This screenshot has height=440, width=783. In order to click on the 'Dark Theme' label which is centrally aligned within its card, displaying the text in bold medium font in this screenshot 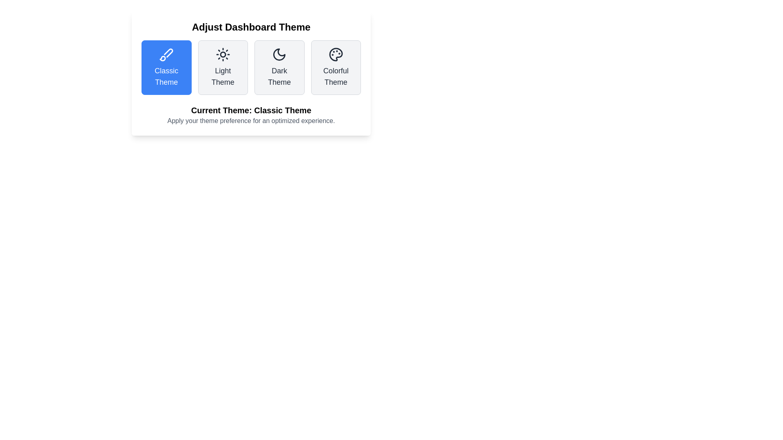, I will do `click(279, 77)`.